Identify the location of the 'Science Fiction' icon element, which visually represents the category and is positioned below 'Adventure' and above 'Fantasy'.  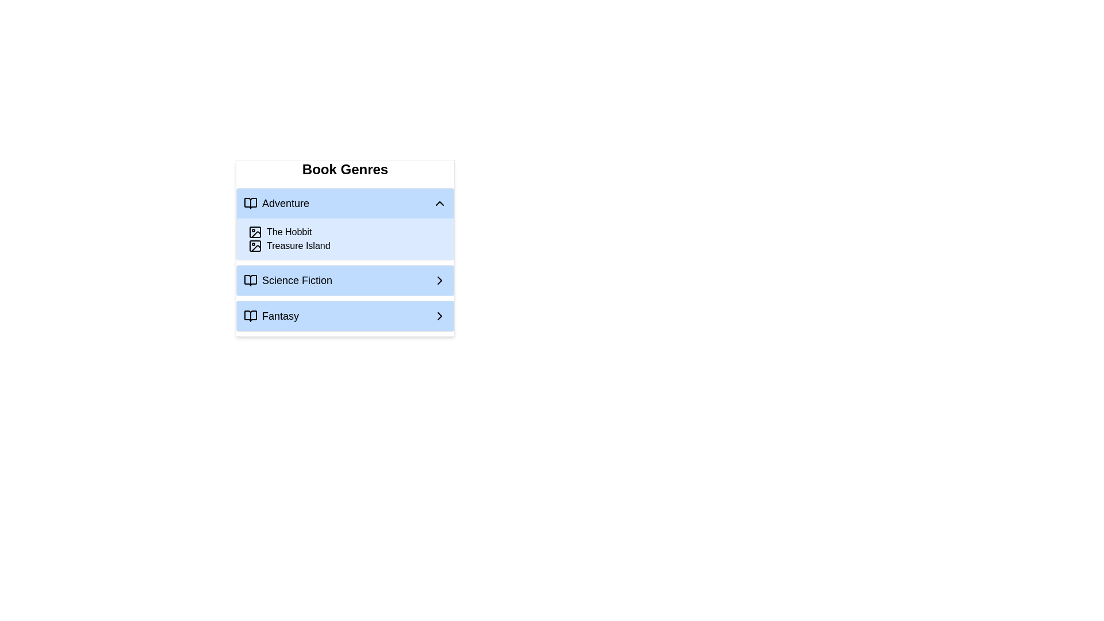
(250, 281).